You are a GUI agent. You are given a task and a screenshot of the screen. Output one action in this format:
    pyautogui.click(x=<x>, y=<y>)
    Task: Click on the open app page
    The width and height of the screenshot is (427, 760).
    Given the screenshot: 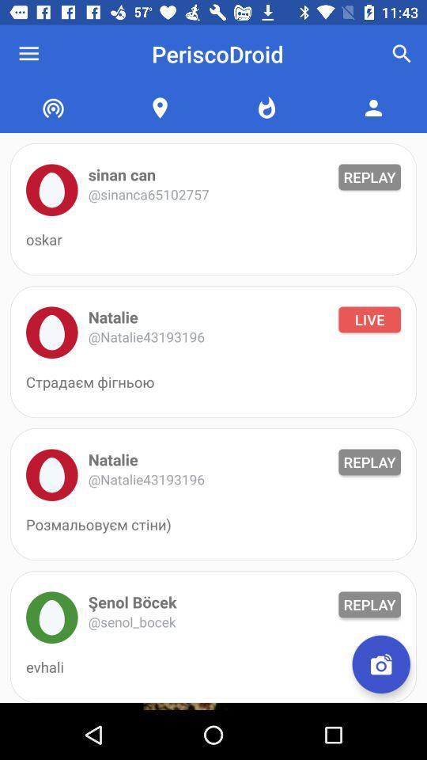 What is the action you would take?
    pyautogui.click(x=51, y=617)
    